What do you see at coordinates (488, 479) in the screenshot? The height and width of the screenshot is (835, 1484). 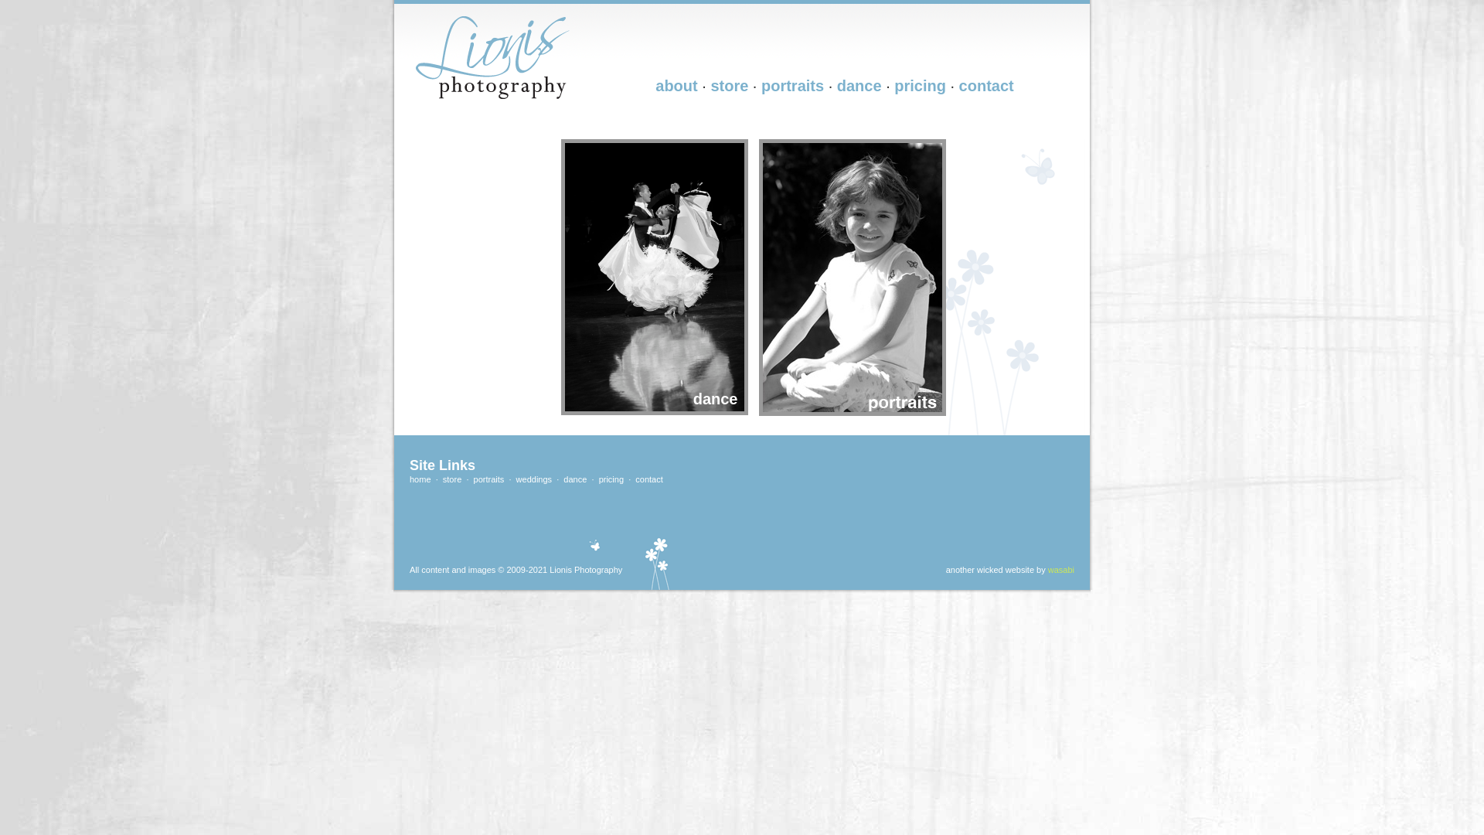 I see `'portraits'` at bounding box center [488, 479].